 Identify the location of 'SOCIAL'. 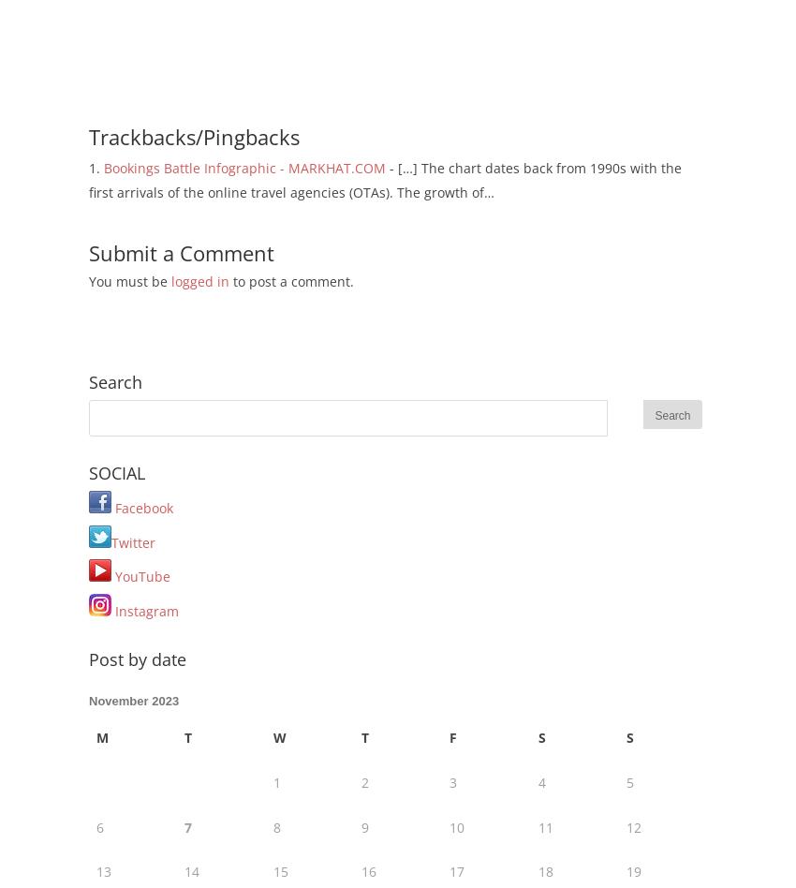
(88, 471).